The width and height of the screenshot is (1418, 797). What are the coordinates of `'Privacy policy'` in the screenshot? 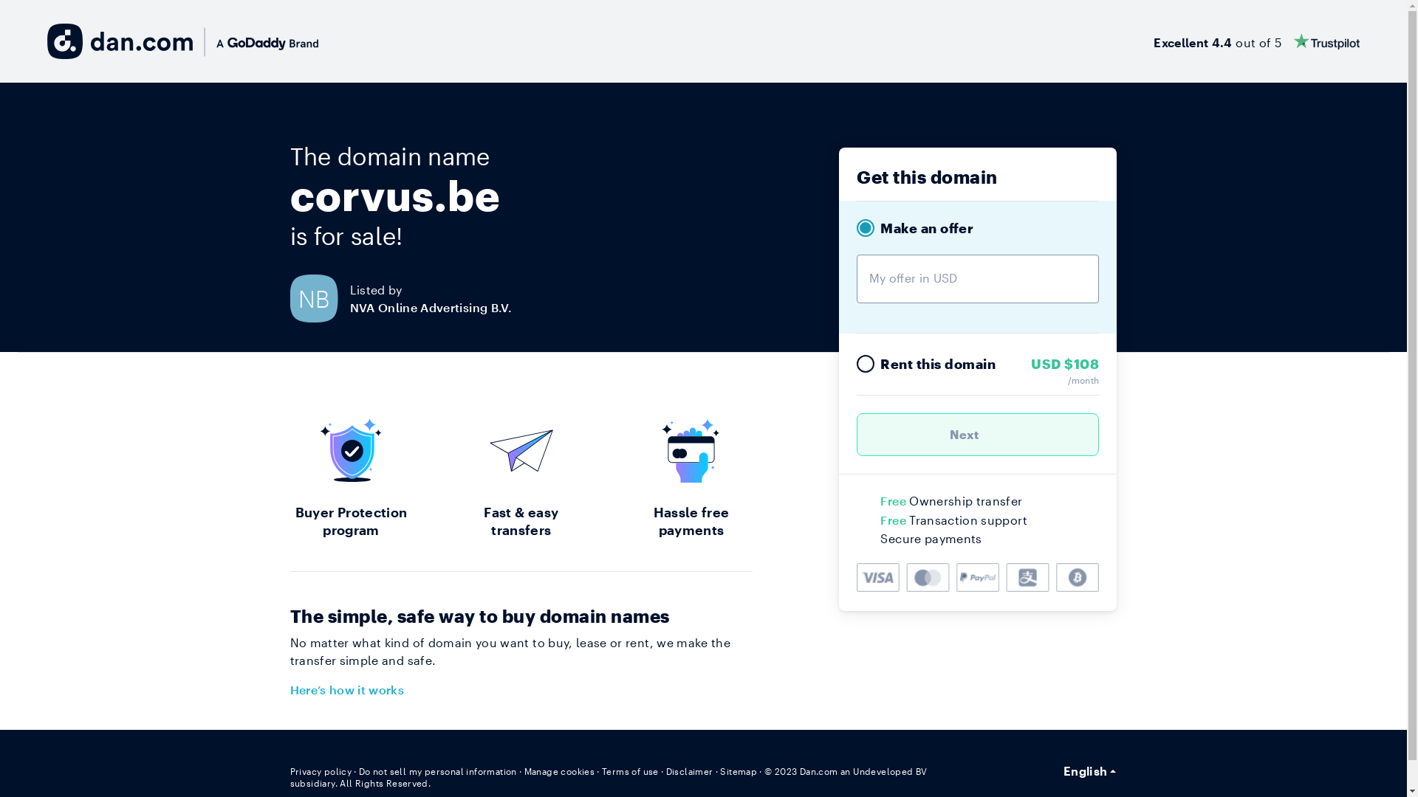 It's located at (319, 770).